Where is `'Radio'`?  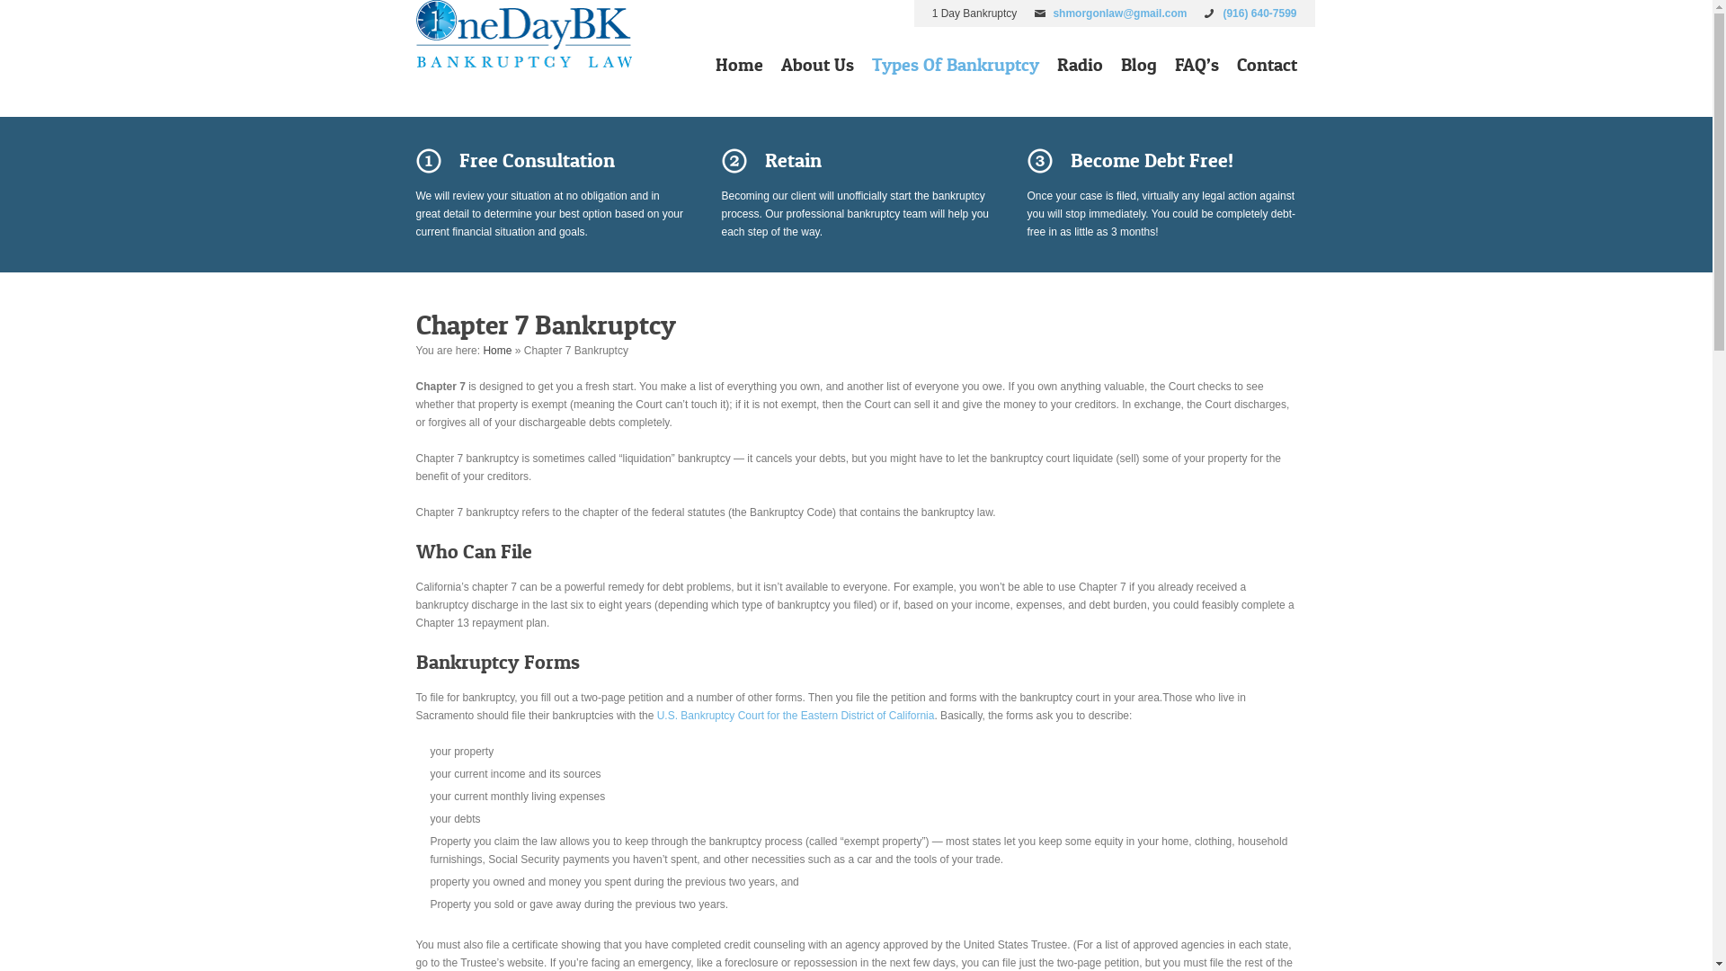
'Radio' is located at coordinates (1079, 67).